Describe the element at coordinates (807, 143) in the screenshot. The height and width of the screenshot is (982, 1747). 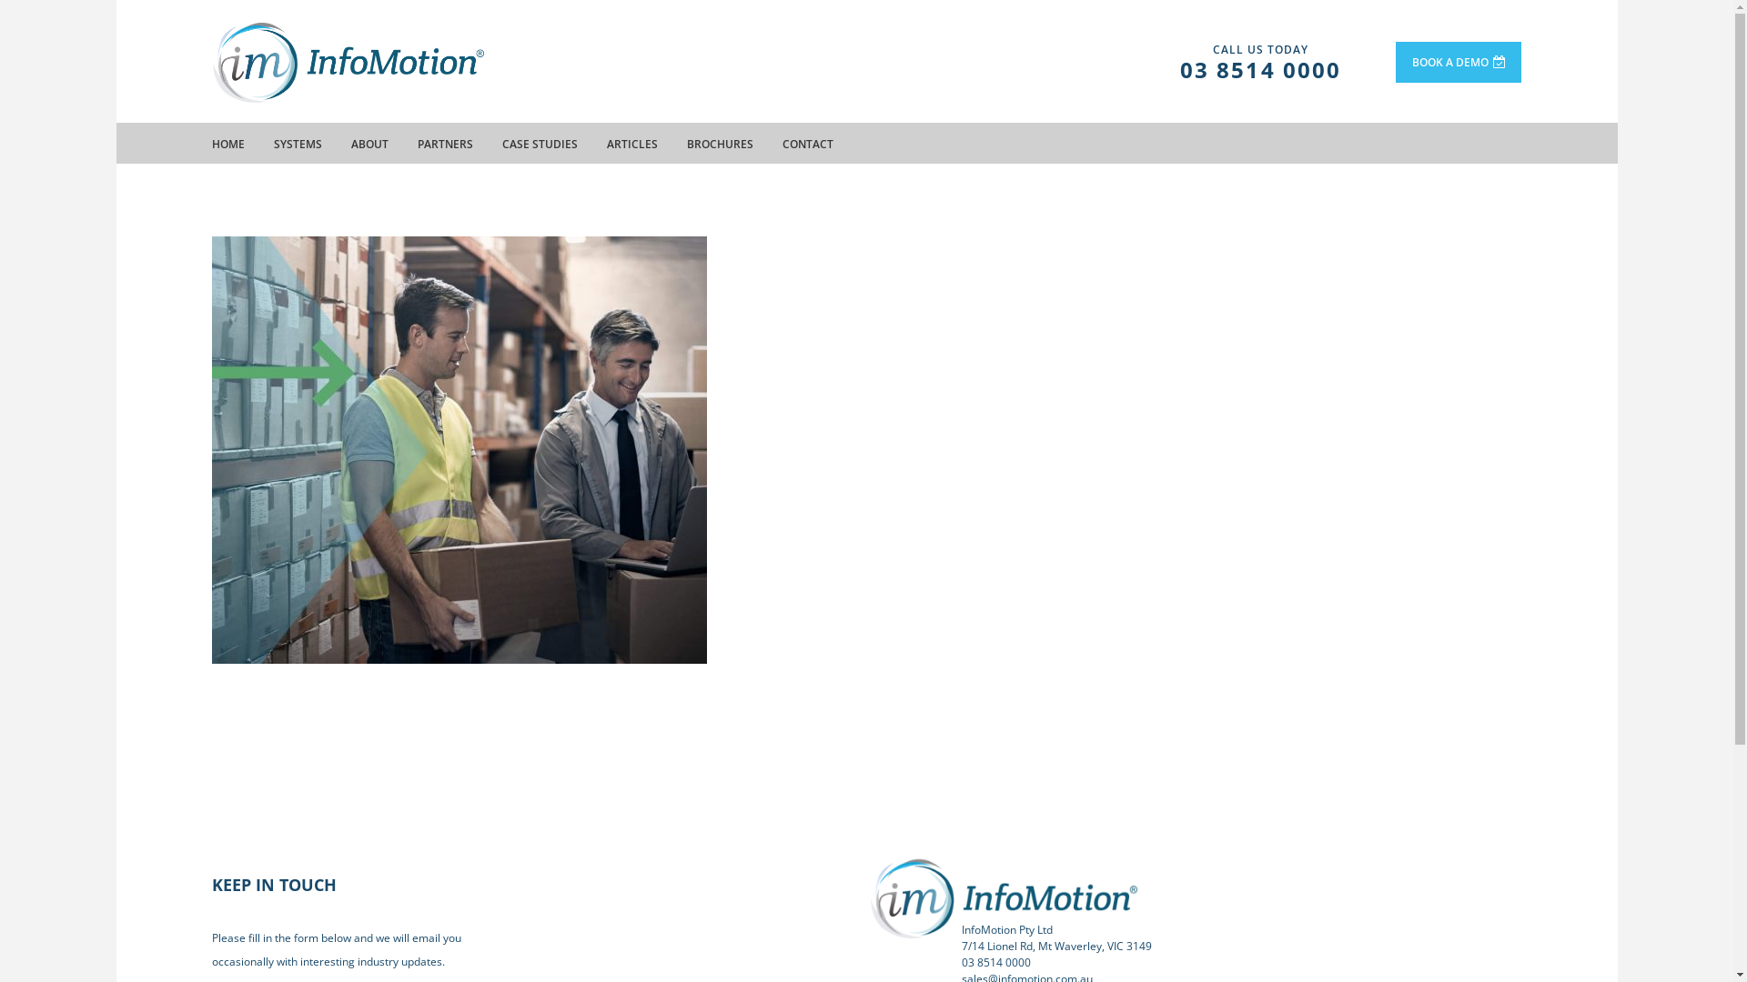
I see `'CONTACT'` at that location.